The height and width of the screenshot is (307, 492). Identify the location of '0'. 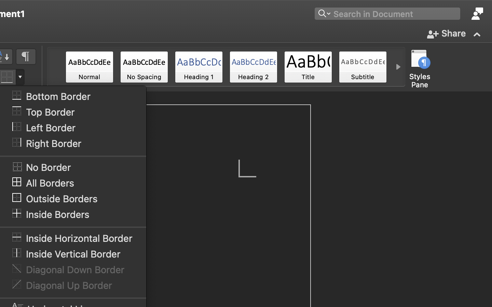
(89, 67).